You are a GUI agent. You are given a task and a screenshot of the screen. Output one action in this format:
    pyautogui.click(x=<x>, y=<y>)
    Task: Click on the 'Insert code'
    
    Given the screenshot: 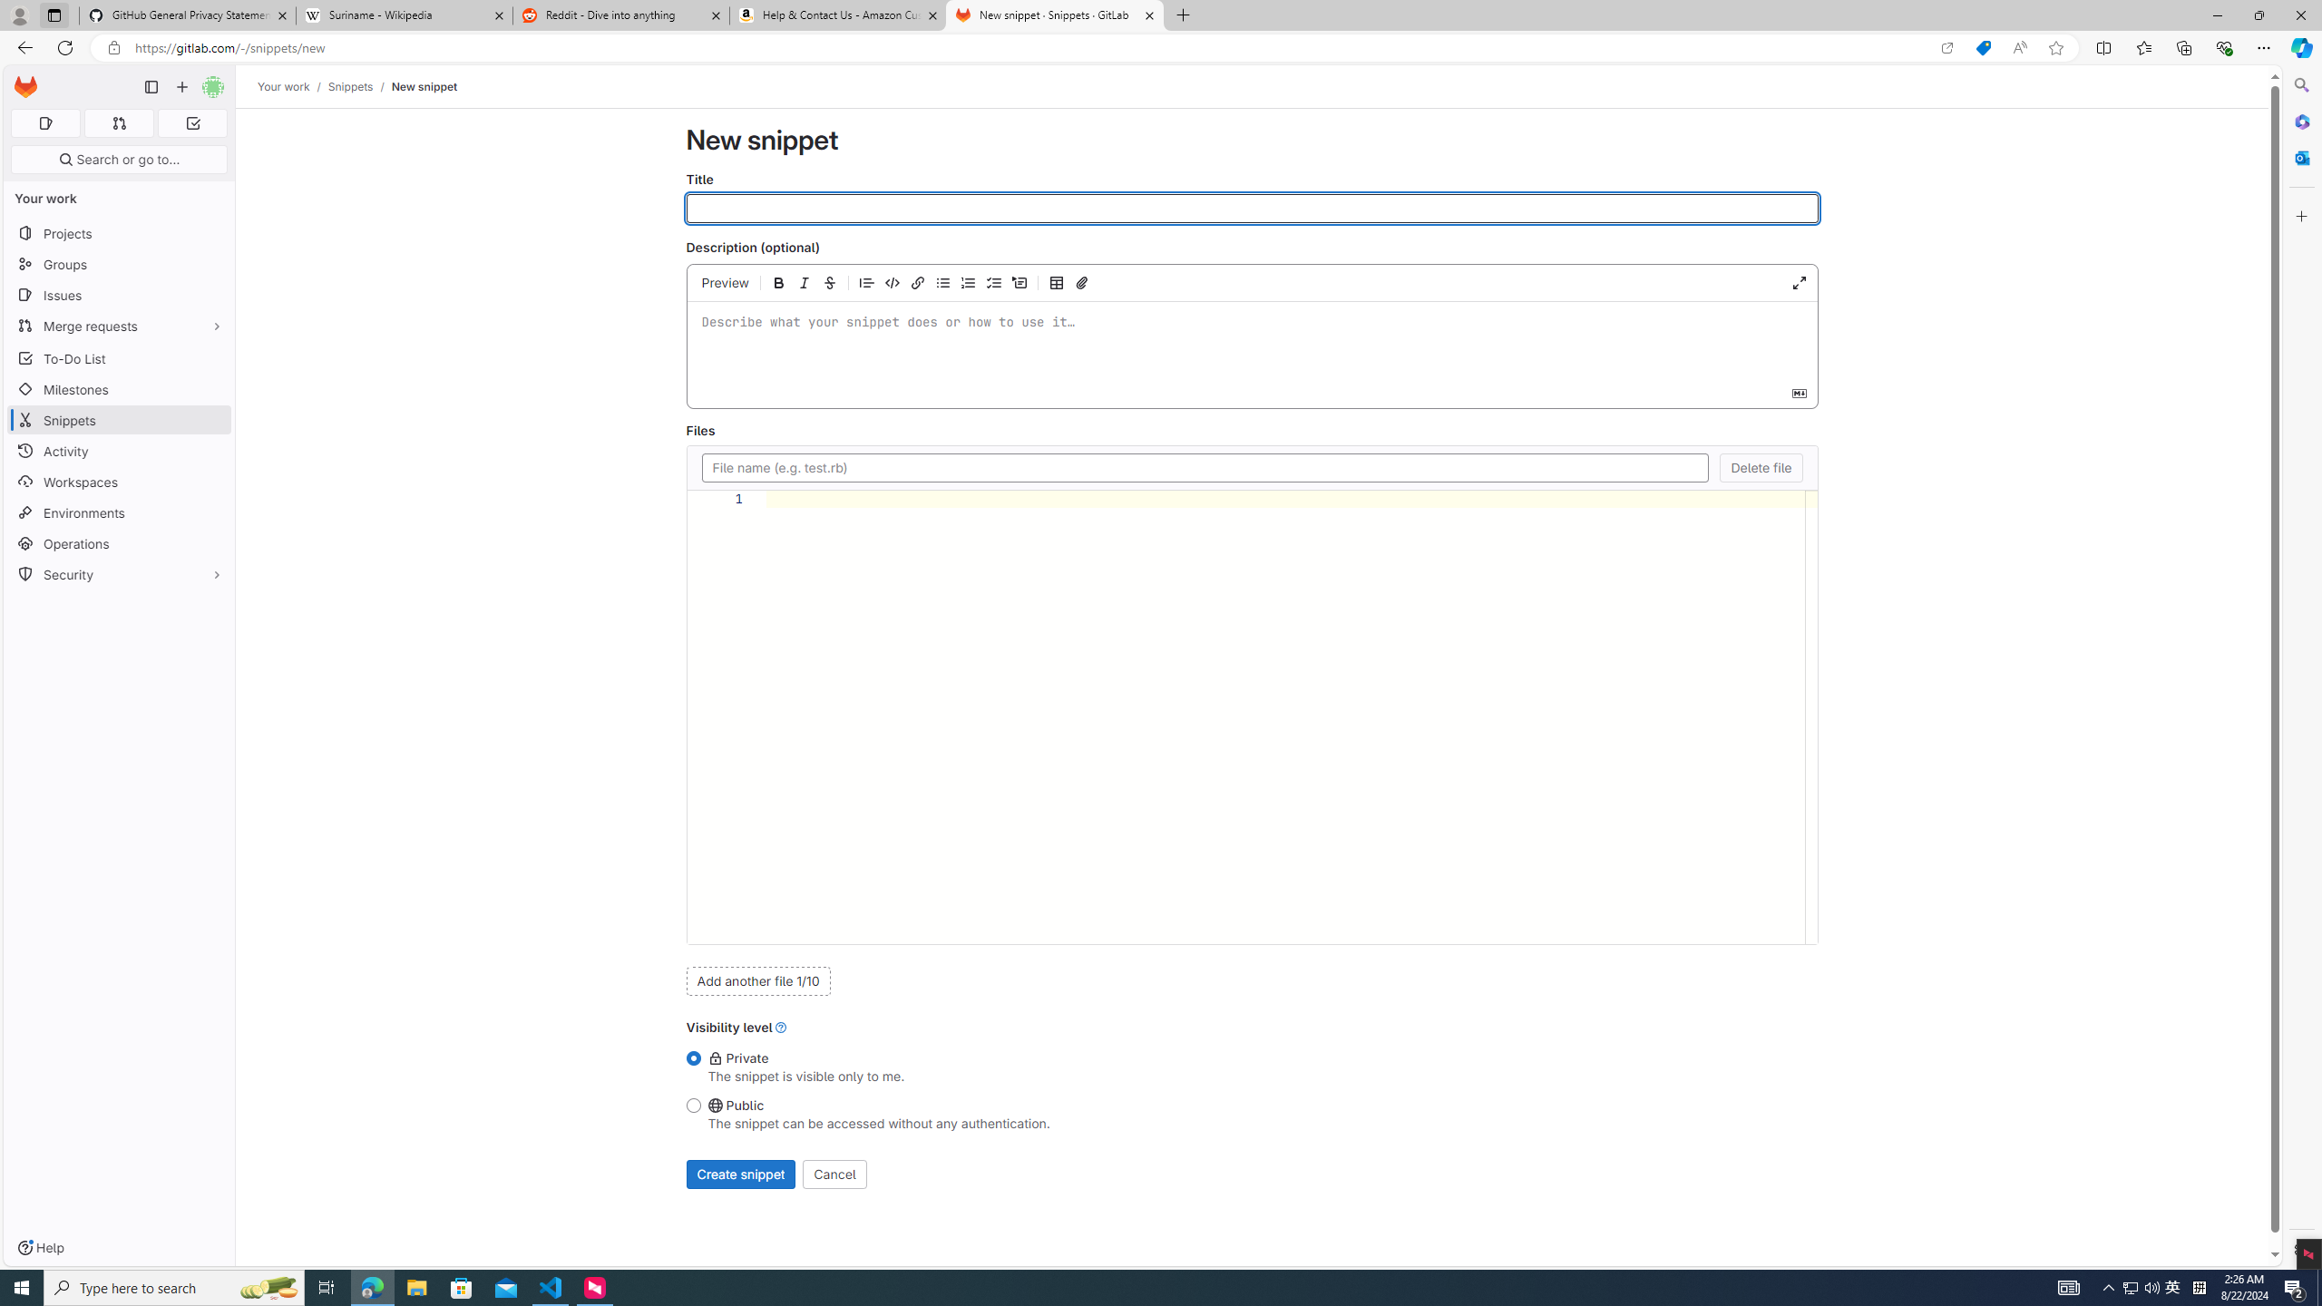 What is the action you would take?
    pyautogui.click(x=892, y=281)
    